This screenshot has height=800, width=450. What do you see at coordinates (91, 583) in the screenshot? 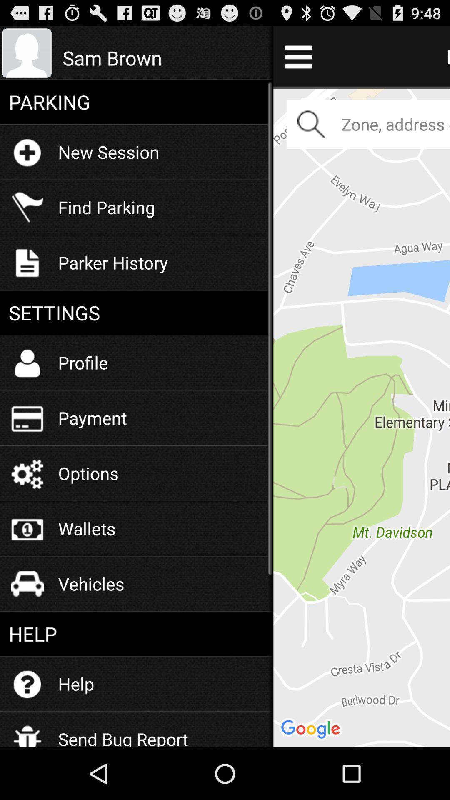
I see `the icon below wallets icon` at bounding box center [91, 583].